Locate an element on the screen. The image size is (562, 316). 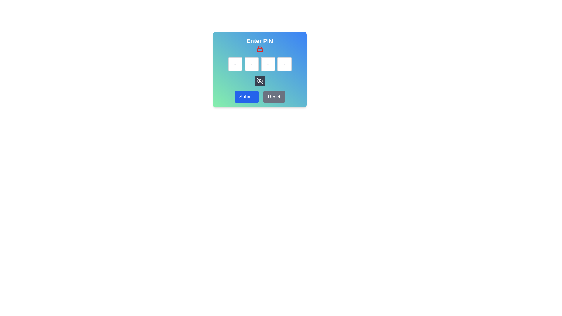
the lock icon located directly beneath the 'Enter PIN' text, which serves as a reassurance for security regarding the PIN input is located at coordinates (259, 48).